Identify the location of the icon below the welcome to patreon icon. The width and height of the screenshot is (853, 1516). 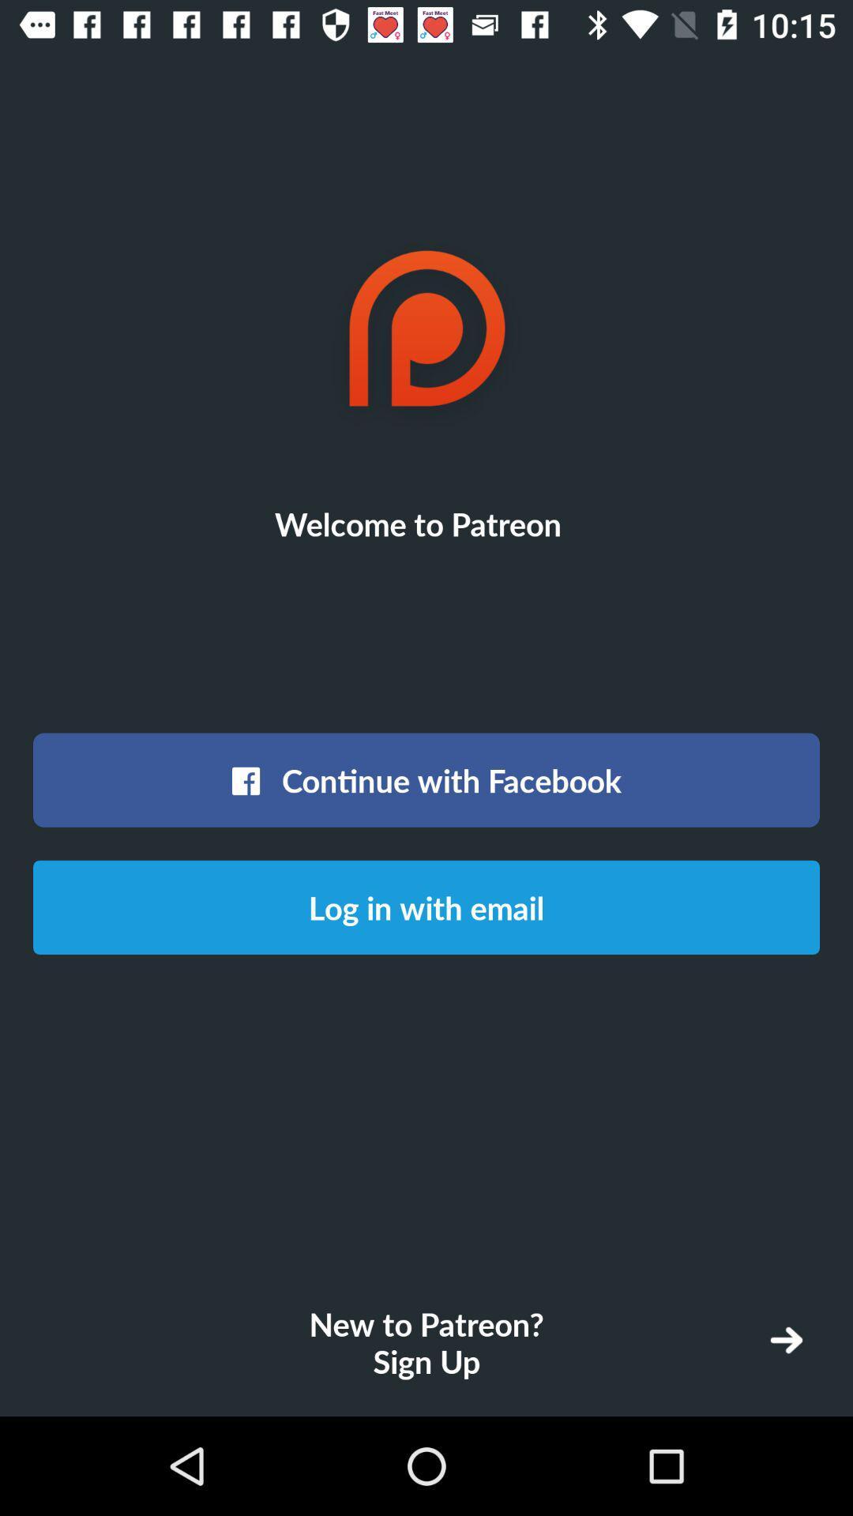
(426, 780).